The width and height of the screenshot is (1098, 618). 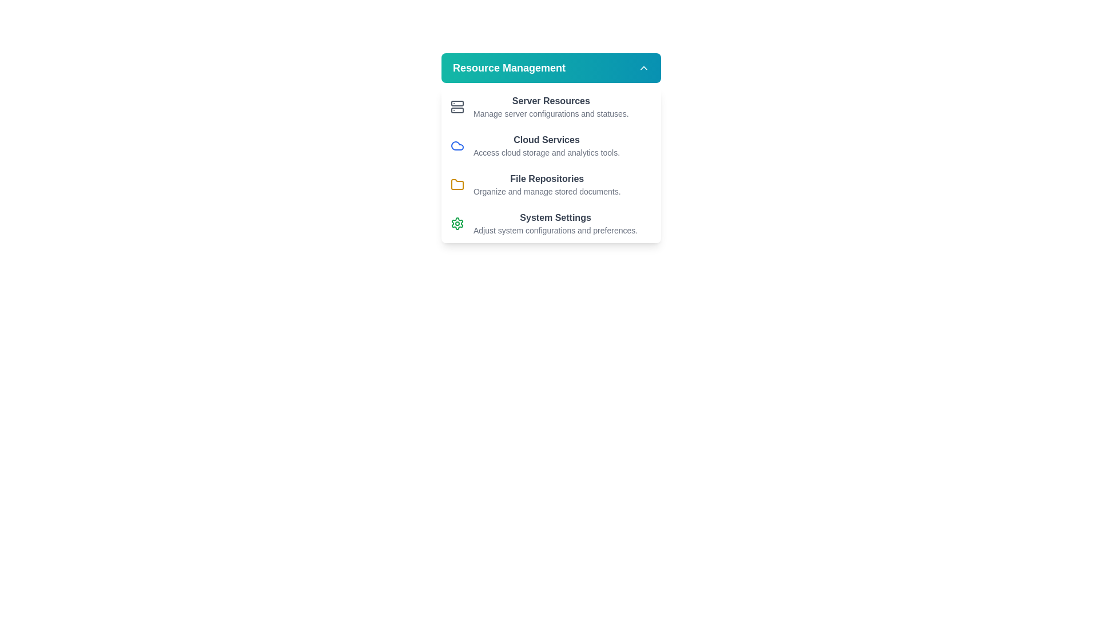 What do you see at coordinates (546, 152) in the screenshot?
I see `the descriptive text 'Access cloud storage and analytics tools.' which is styled in smaller gray font and positioned below the 'Cloud Services' heading` at bounding box center [546, 152].